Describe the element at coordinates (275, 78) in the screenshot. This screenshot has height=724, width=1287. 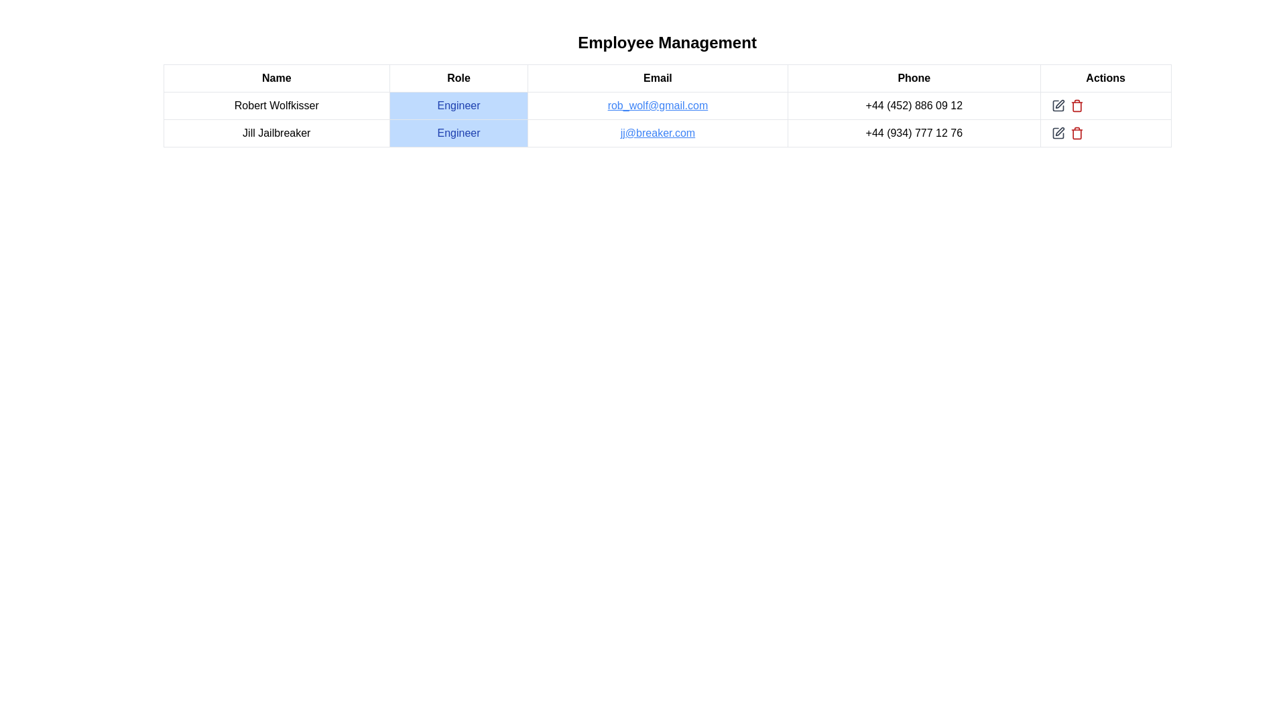
I see `the 'Name' column header in the data table, which is located in the top left quadrant of the grid structure and is the first item in a row of headers` at that location.